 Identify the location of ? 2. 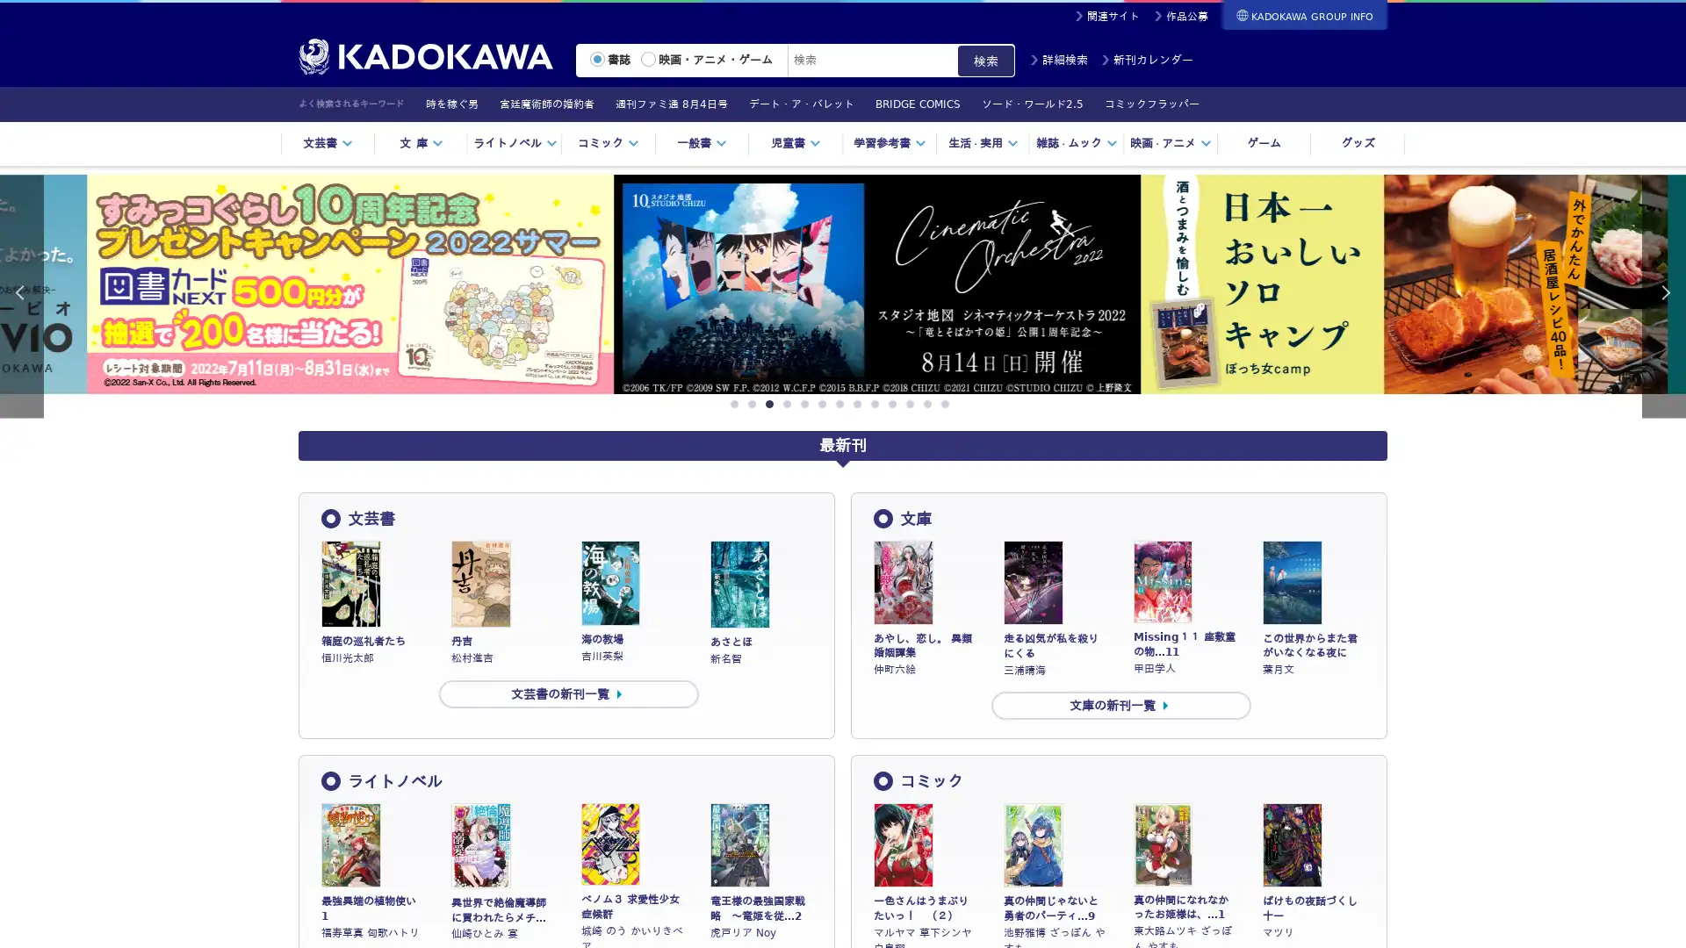
(876, 132).